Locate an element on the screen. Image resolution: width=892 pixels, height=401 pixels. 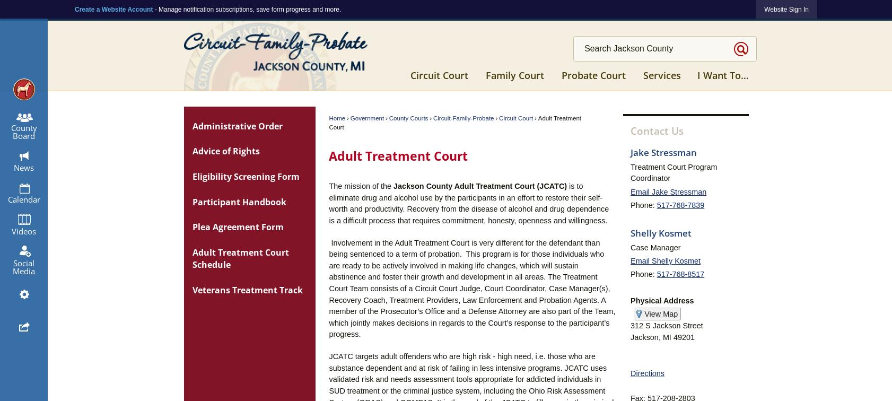
'View Map' is located at coordinates (644, 313).